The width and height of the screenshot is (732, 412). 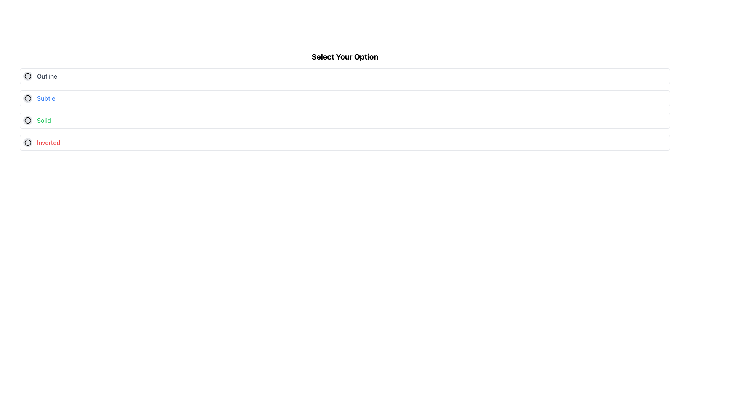 What do you see at coordinates (27, 98) in the screenshot?
I see `the circular icon outlined in black that is centered within the 'Subtle' option in the selection menu` at bounding box center [27, 98].